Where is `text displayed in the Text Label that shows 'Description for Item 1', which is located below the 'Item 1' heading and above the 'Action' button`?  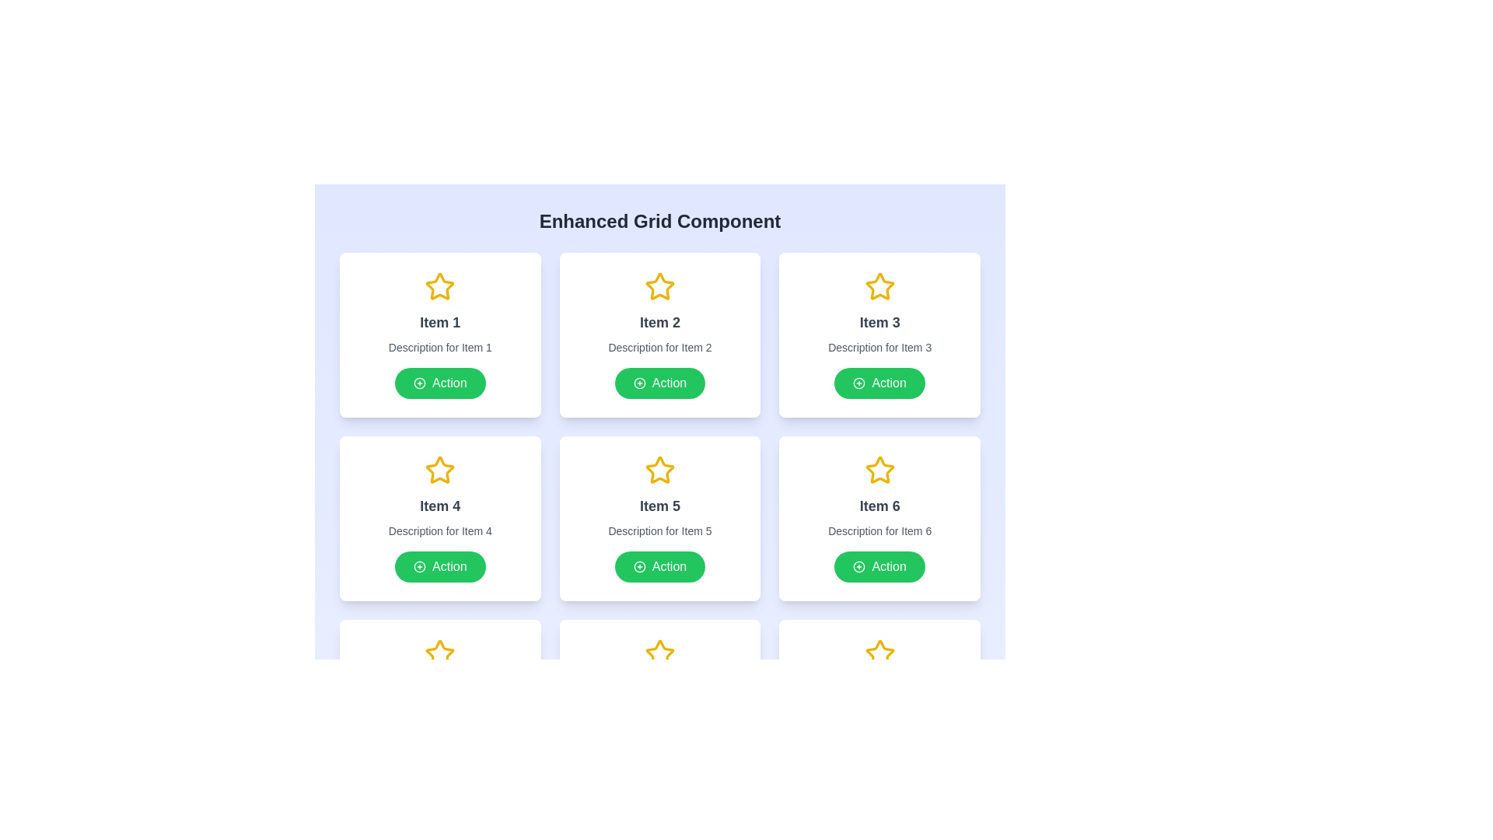 text displayed in the Text Label that shows 'Description for Item 1', which is located below the 'Item 1' heading and above the 'Action' button is located at coordinates (439, 347).